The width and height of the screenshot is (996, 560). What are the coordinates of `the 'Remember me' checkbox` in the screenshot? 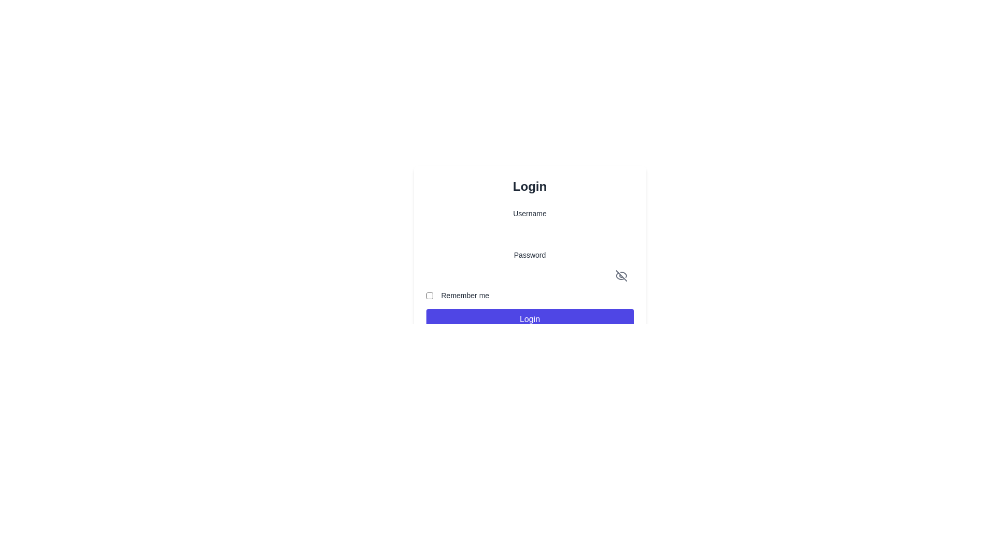 It's located at (430, 296).